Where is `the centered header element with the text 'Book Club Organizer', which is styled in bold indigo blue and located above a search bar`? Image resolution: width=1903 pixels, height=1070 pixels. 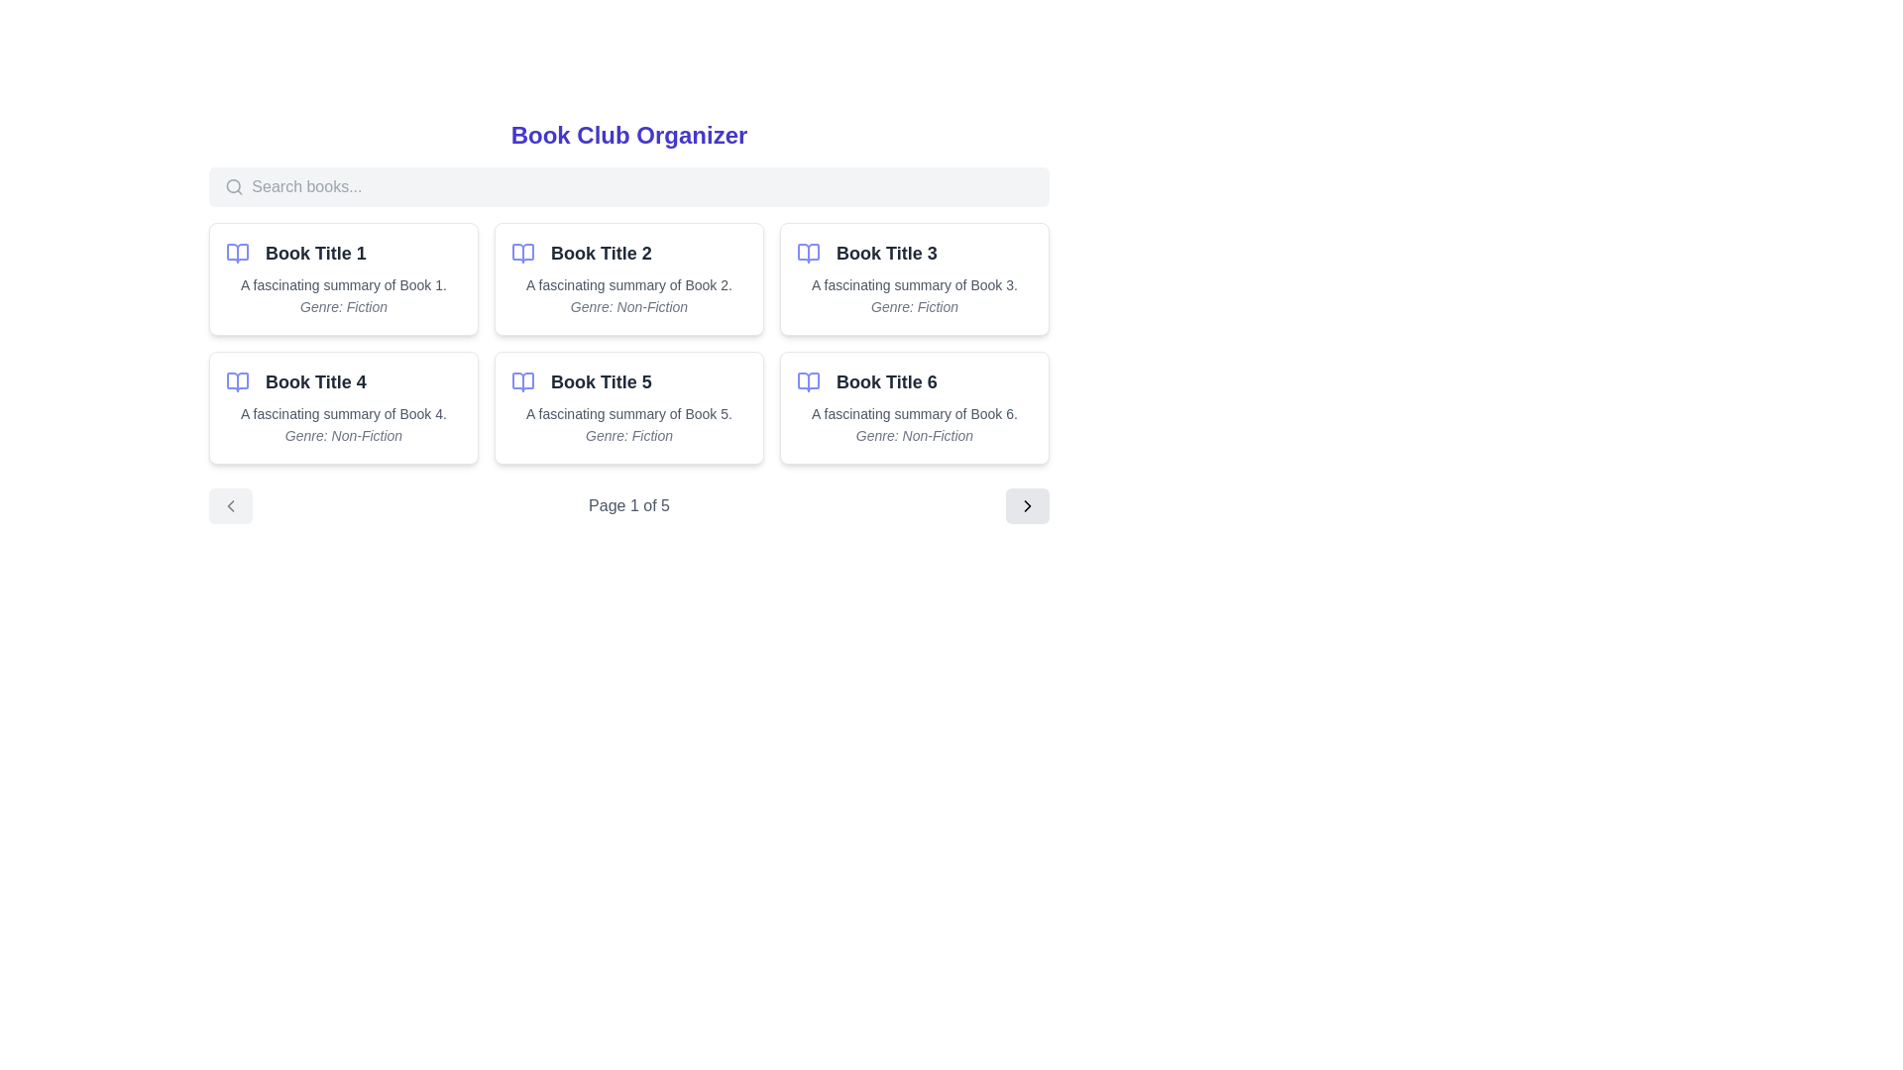 the centered header element with the text 'Book Club Organizer', which is styled in bold indigo blue and located above a search bar is located at coordinates (627, 135).